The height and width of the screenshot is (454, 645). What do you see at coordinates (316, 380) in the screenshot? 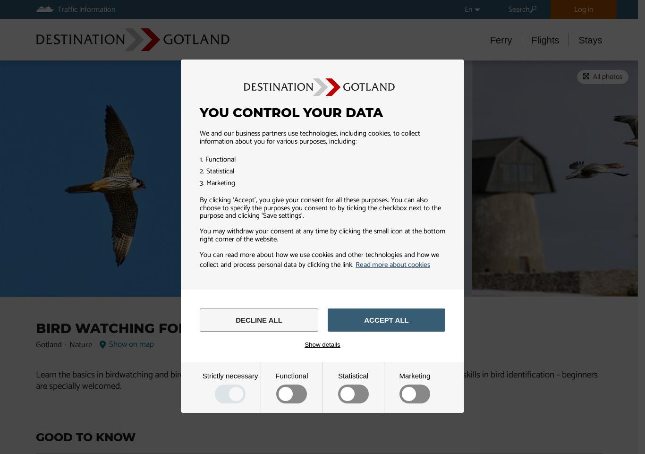
I see `'Learn the basics in birdwatching and bird identification during a two-days course in Gotland. You don’t need any basic skills in bird identification – beginners are specially welcomed.'` at bounding box center [316, 380].